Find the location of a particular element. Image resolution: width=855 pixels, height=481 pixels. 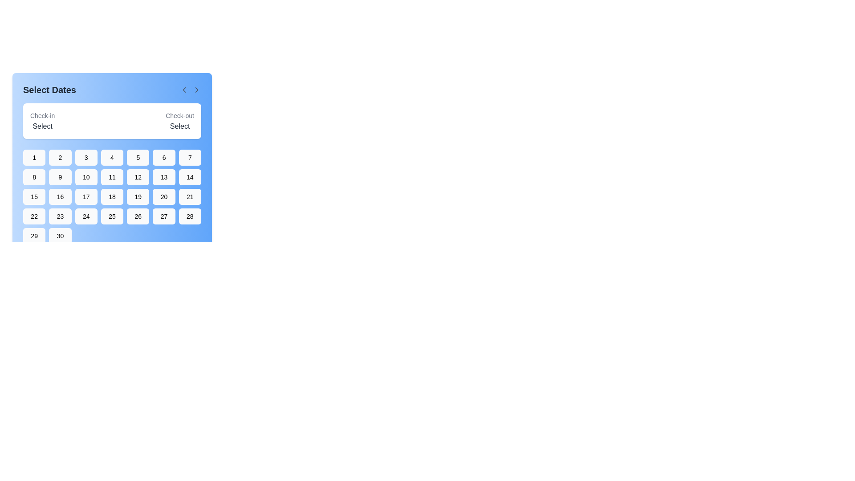

the button corresponding to the number 16 in the calendar interface is located at coordinates (60, 196).